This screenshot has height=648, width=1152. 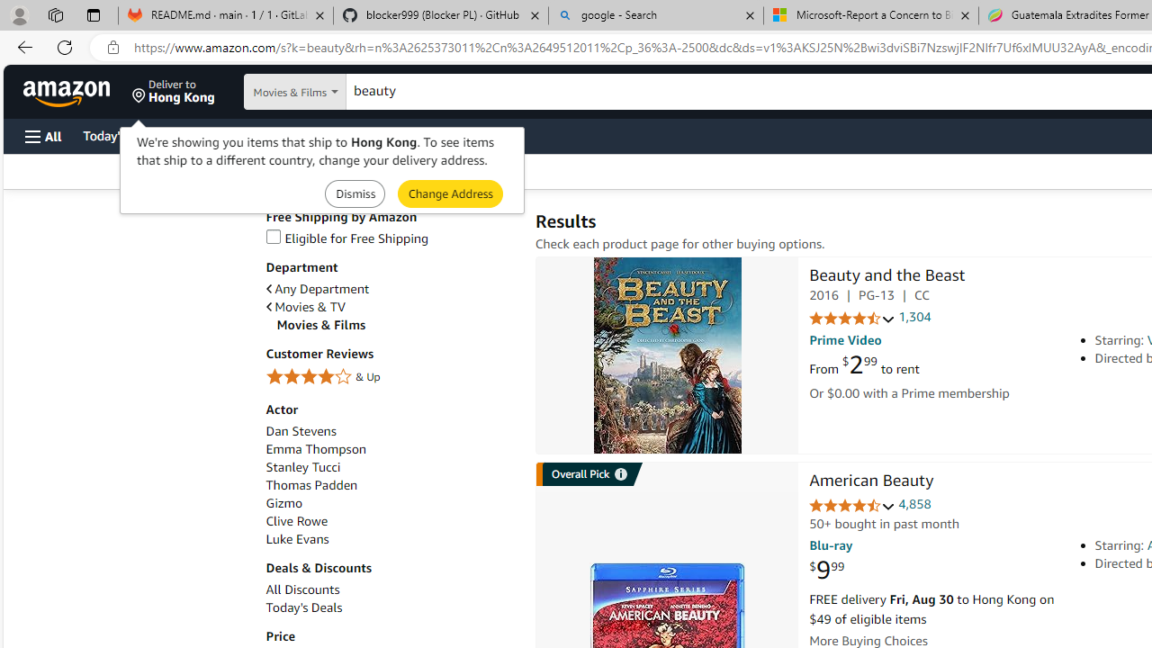 I want to click on '4 Stars & Up', so click(x=390, y=376).